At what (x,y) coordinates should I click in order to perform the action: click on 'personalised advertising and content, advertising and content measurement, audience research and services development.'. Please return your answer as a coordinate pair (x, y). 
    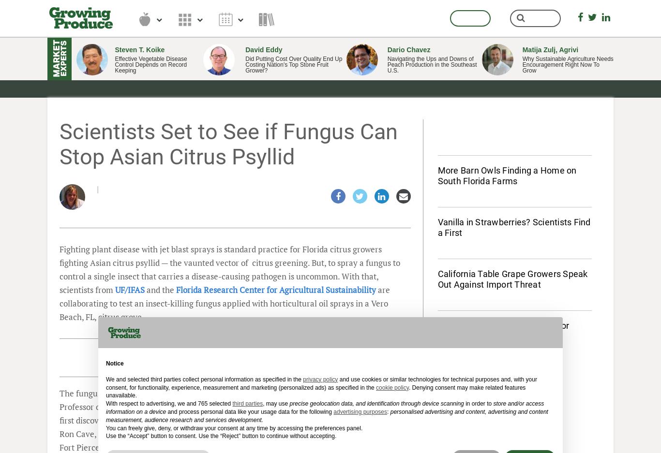
    Looking at the image, I should click on (326, 415).